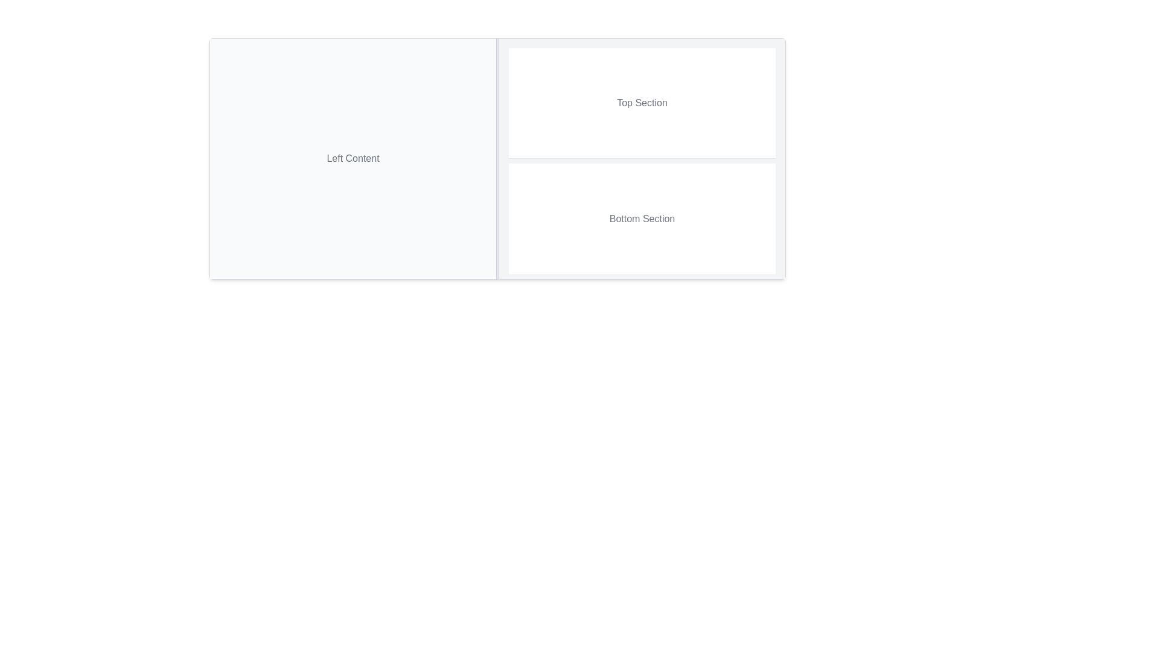  What do you see at coordinates (497, 158) in the screenshot?
I see `the vertical divider` at bounding box center [497, 158].